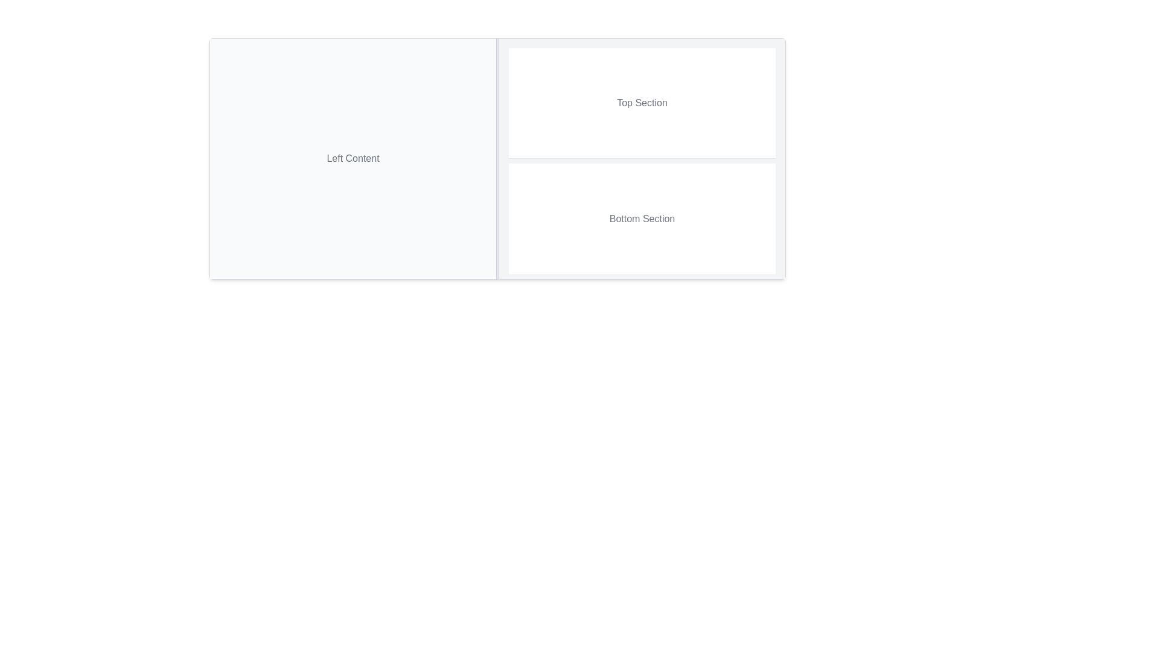  What do you see at coordinates (497, 158) in the screenshot?
I see `the vertical divider` at bounding box center [497, 158].